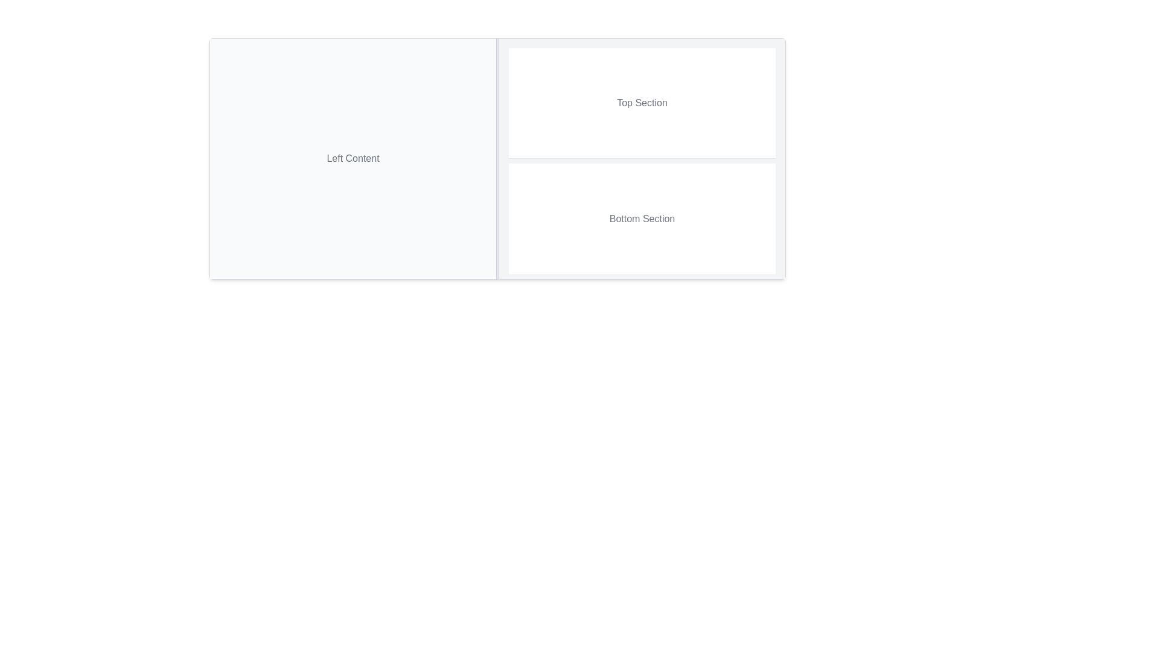  What do you see at coordinates (497, 158) in the screenshot?
I see `the vertical divider` at bounding box center [497, 158].